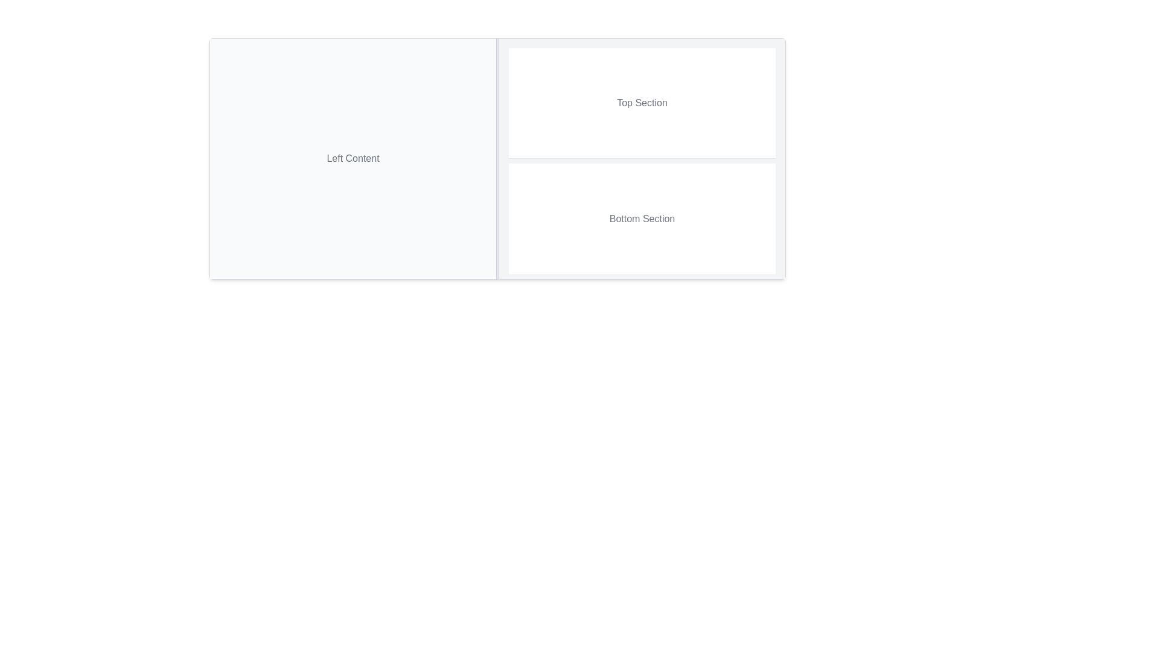  What do you see at coordinates (497, 158) in the screenshot?
I see `the vertical divider` at bounding box center [497, 158].